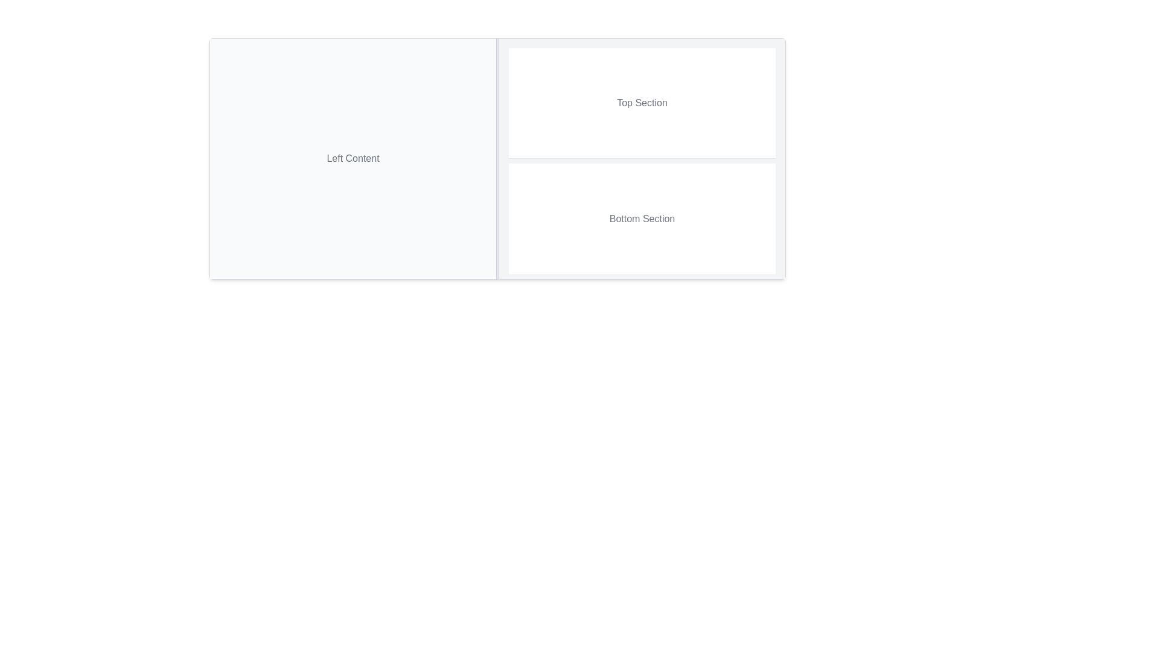  What do you see at coordinates (497, 158) in the screenshot?
I see `the vertical divider` at bounding box center [497, 158].